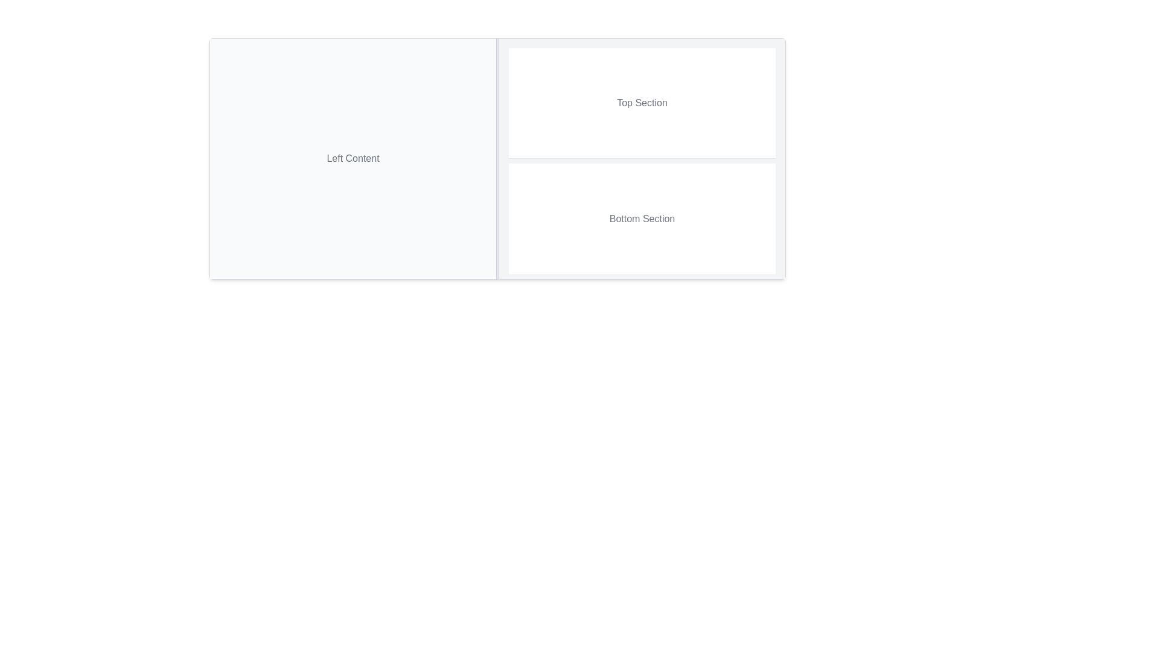  What do you see at coordinates (497, 158) in the screenshot?
I see `the vertical divider` at bounding box center [497, 158].